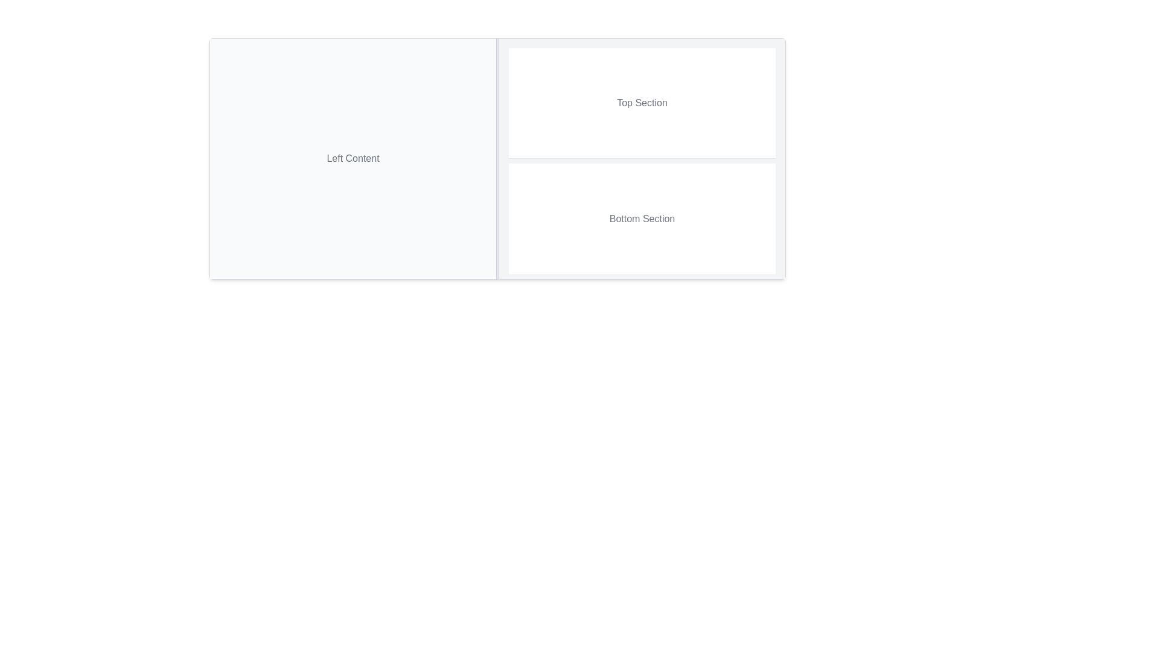  What do you see at coordinates (497, 158) in the screenshot?
I see `the vertical divider` at bounding box center [497, 158].